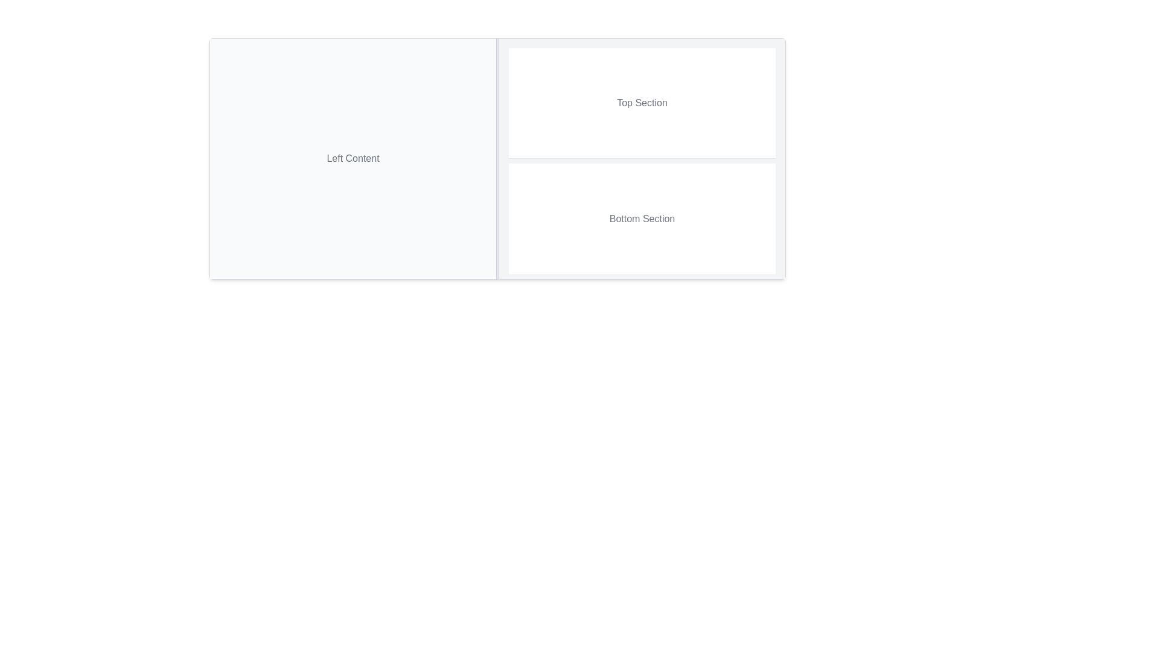  What do you see at coordinates (497, 158) in the screenshot?
I see `the vertical divider` at bounding box center [497, 158].